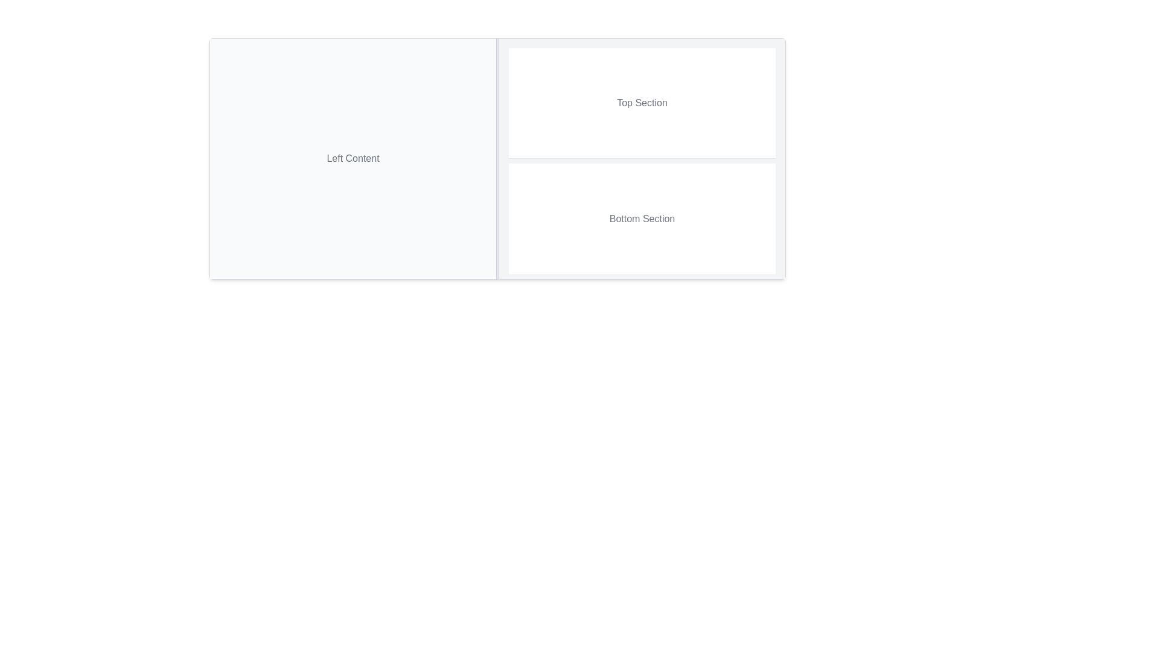  What do you see at coordinates (497, 158) in the screenshot?
I see `the vertical divider` at bounding box center [497, 158].